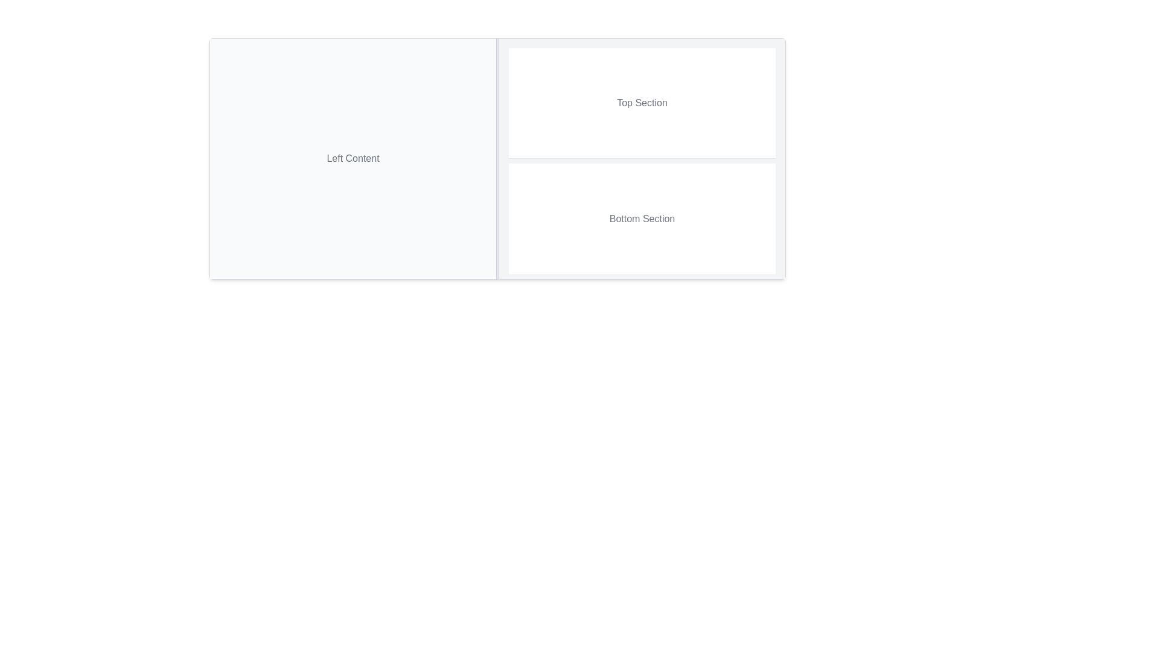  What do you see at coordinates (497, 158) in the screenshot?
I see `the vertical divider` at bounding box center [497, 158].